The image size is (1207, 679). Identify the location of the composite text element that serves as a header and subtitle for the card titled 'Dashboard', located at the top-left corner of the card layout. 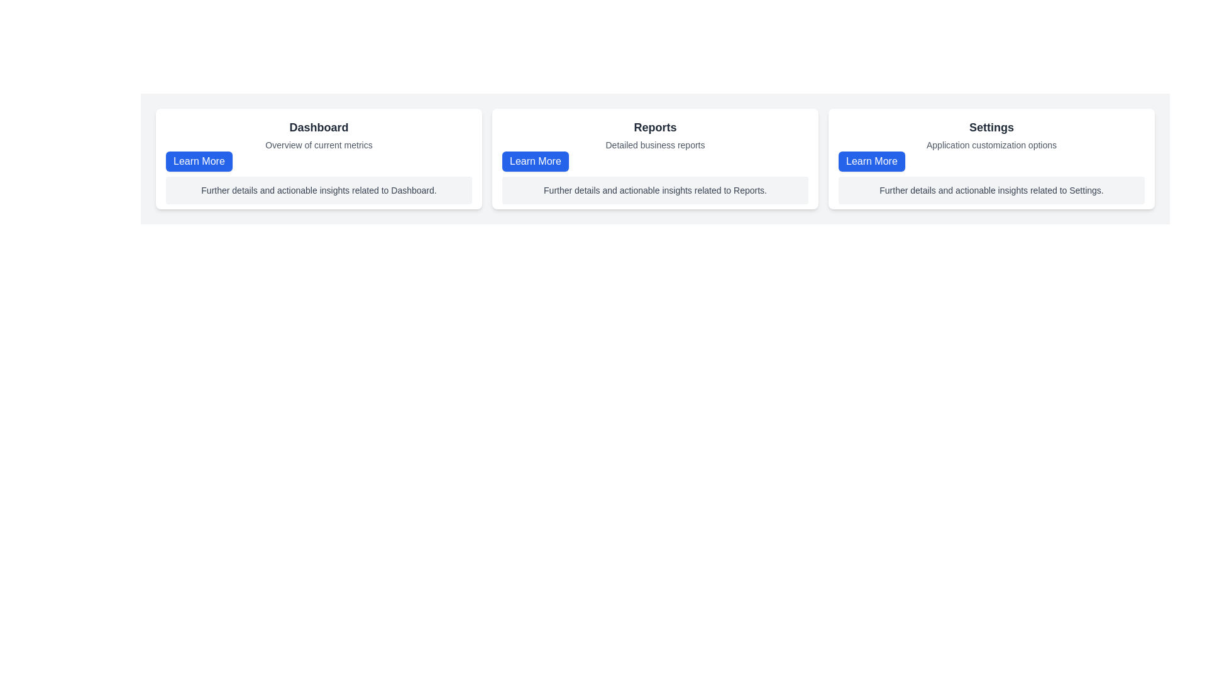
(319, 135).